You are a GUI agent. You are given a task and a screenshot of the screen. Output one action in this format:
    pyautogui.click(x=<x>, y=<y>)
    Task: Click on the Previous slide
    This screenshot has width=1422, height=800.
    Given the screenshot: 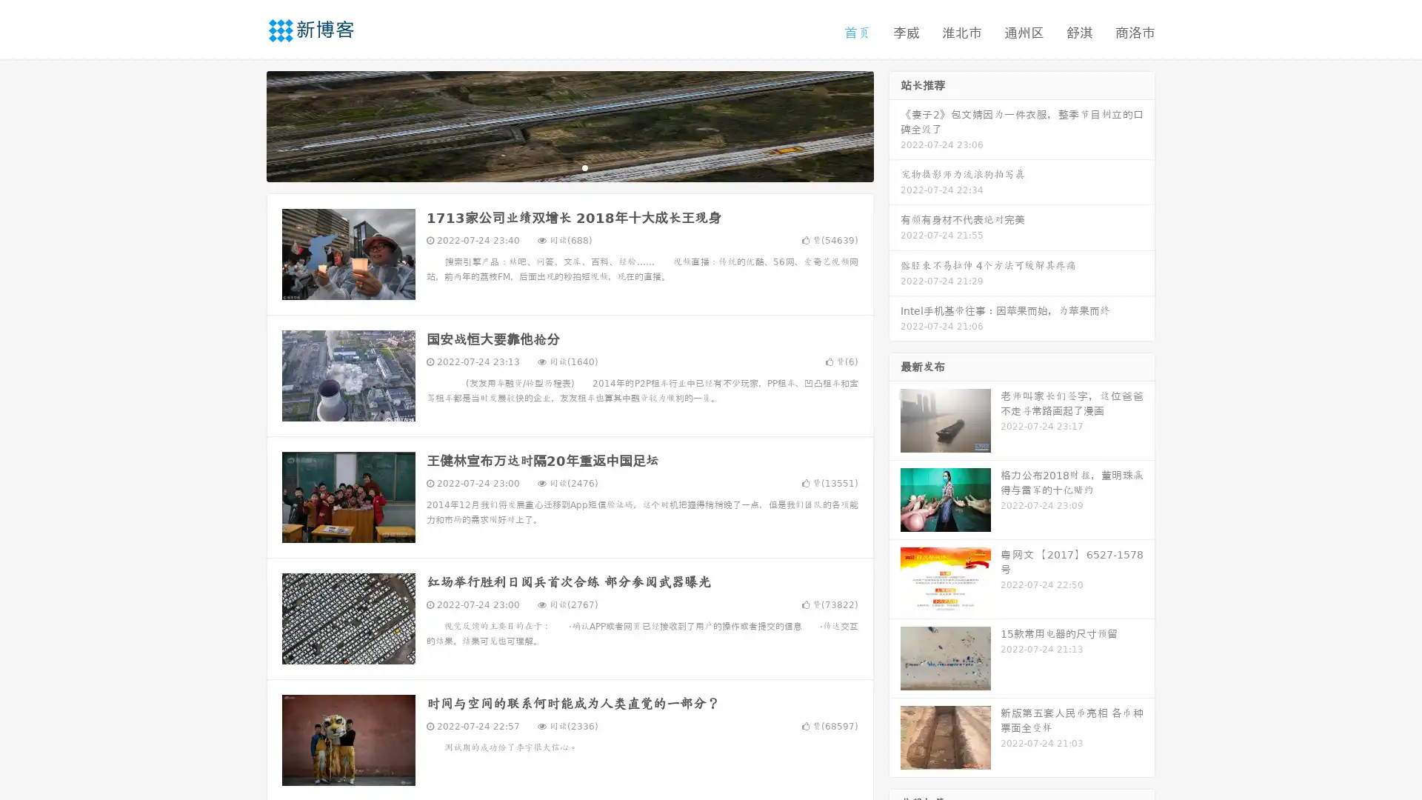 What is the action you would take?
    pyautogui.click(x=244, y=124)
    